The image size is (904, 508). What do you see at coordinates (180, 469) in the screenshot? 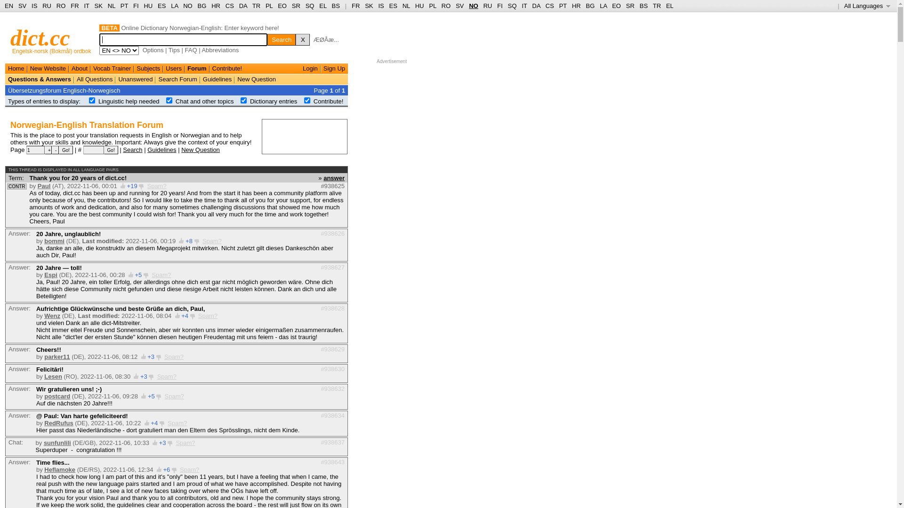
I see `'Spam?'` at bounding box center [180, 469].